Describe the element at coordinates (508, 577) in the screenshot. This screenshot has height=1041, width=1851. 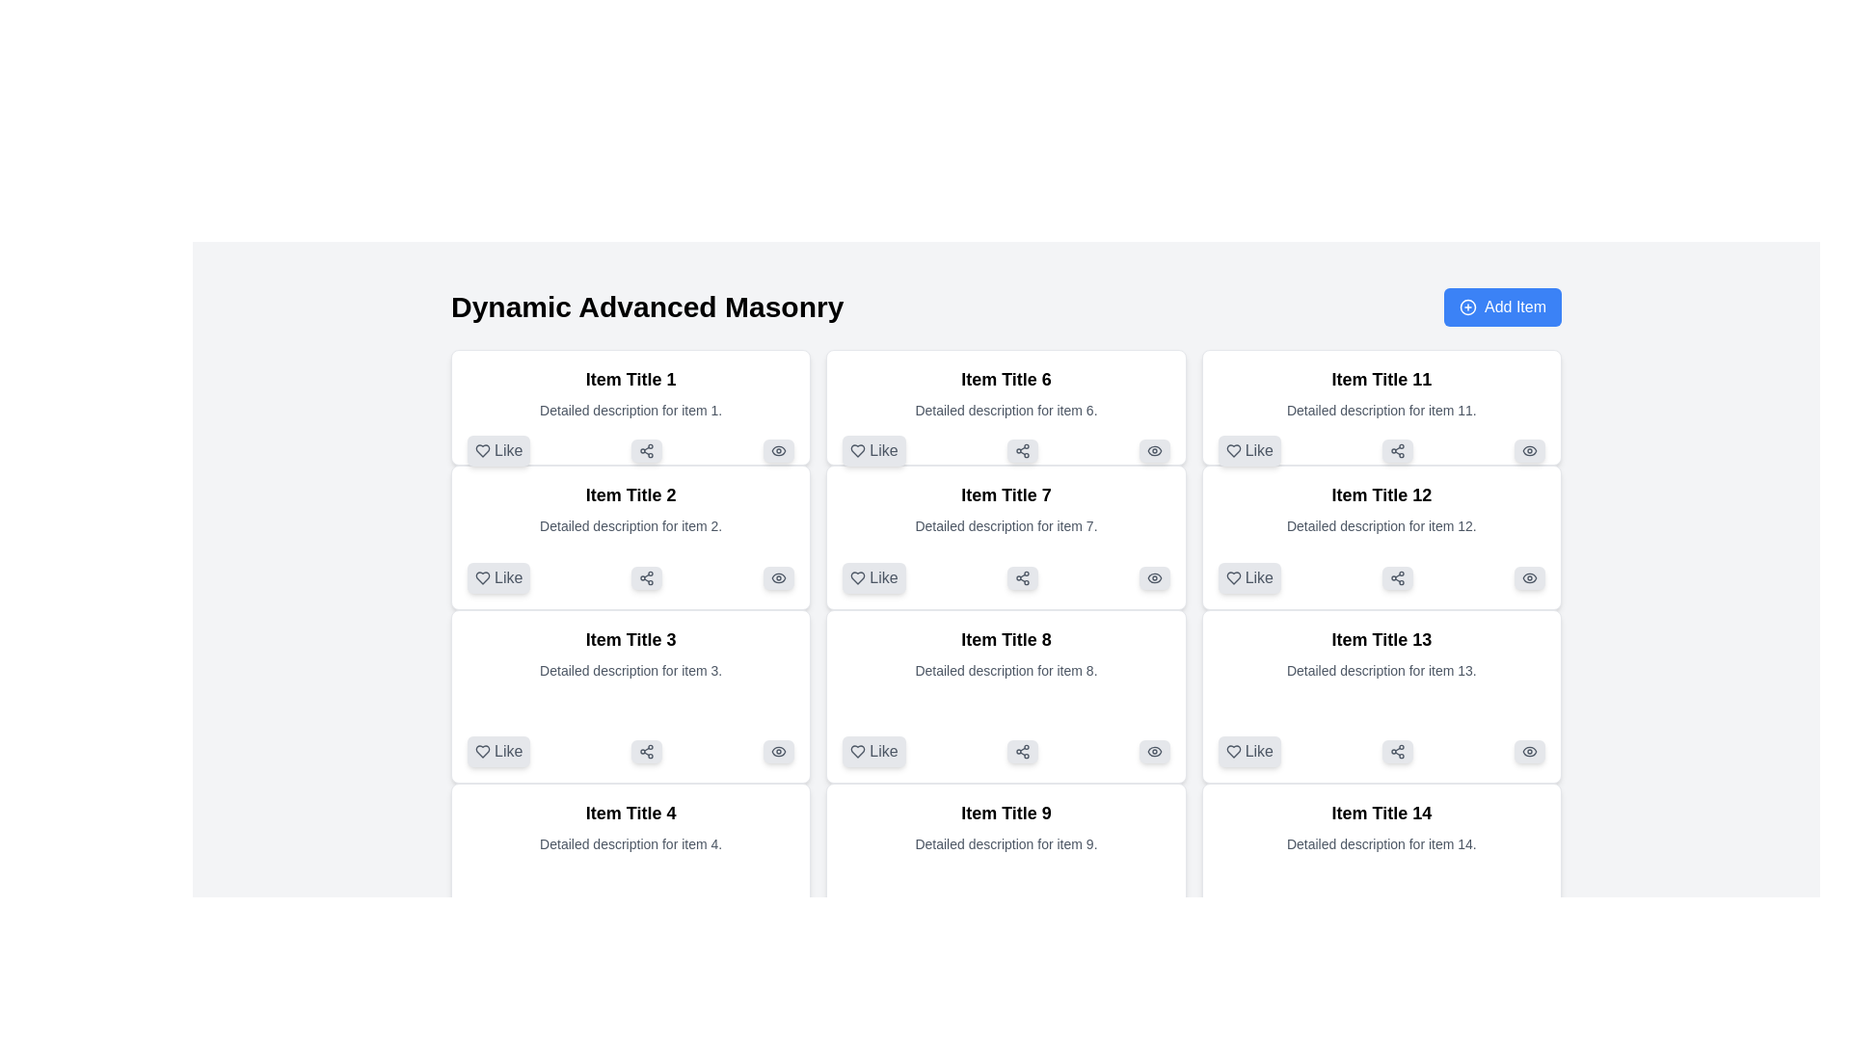
I see `the 'Like' button associated with the Text label that represents the action of liking the content, located within the box labeled 'Item Title 2'` at that location.